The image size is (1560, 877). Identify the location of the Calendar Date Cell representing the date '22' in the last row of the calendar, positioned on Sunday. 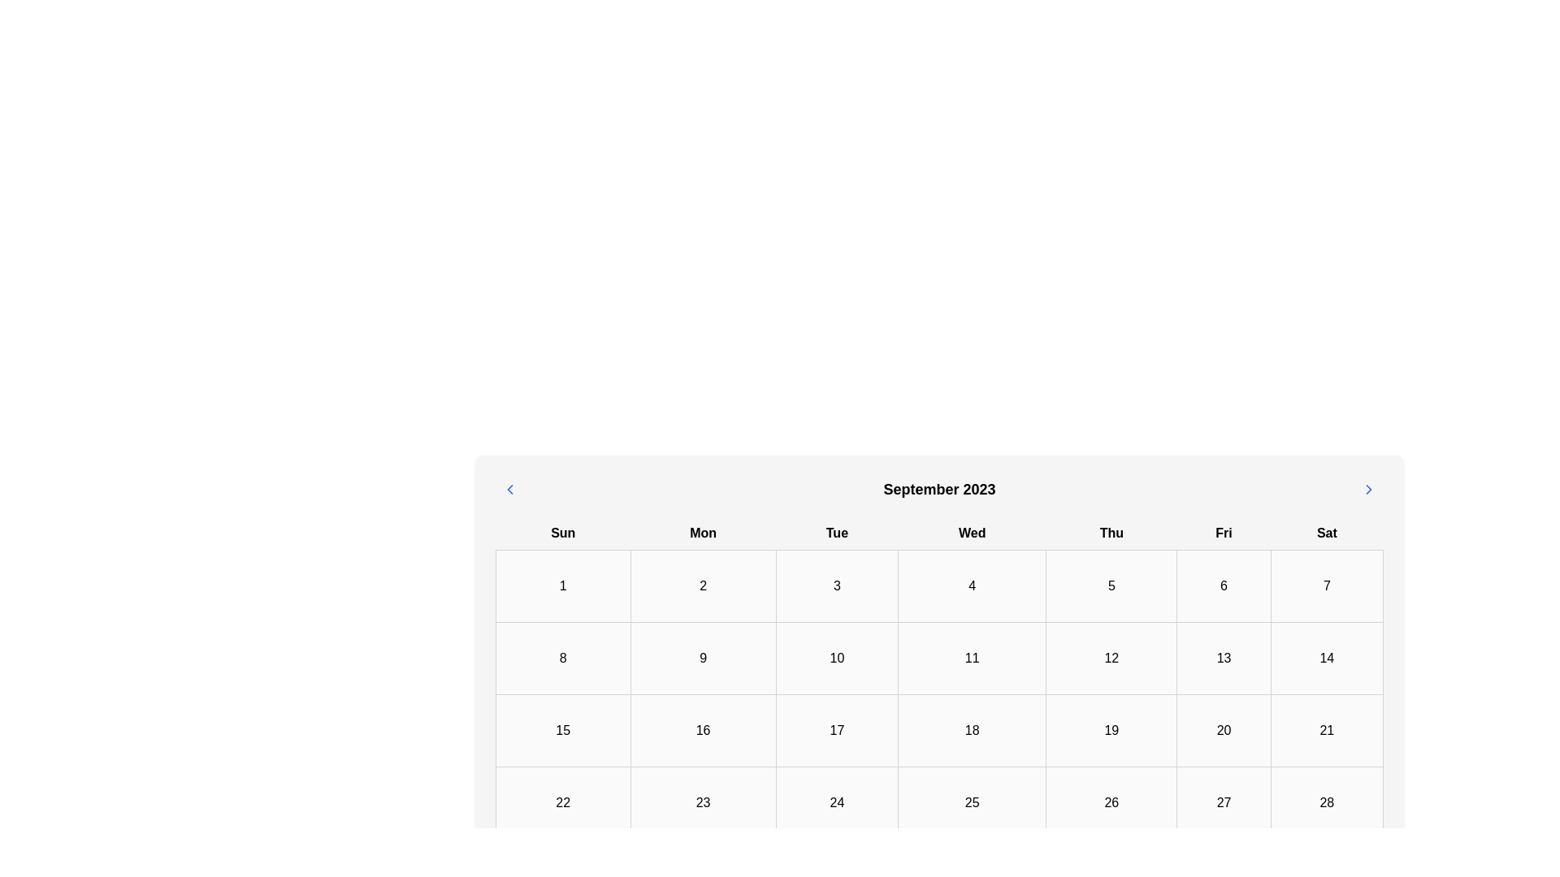
(563, 801).